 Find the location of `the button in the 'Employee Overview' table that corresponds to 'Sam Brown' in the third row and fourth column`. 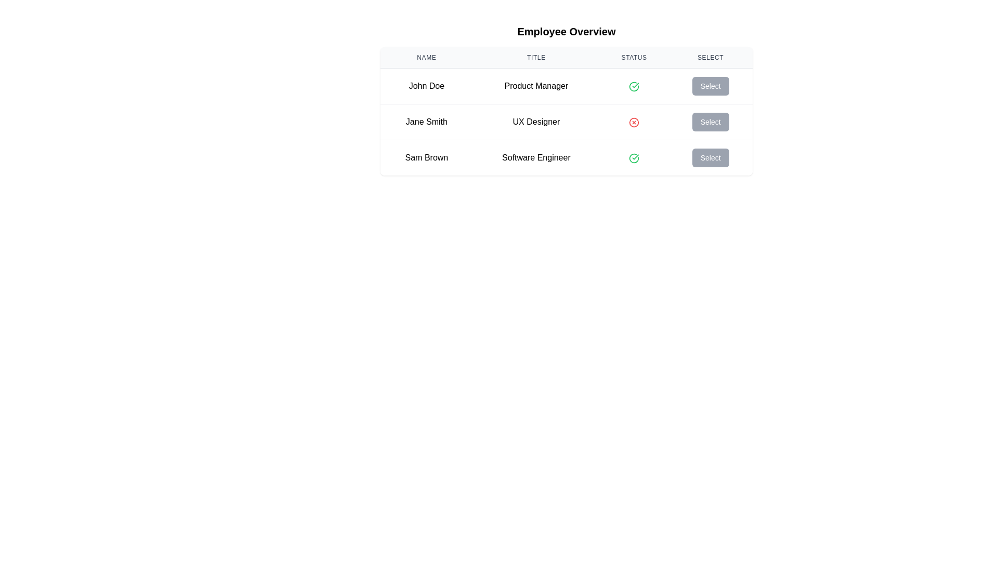

the button in the 'Employee Overview' table that corresponds to 'Sam Brown' in the third row and fourth column is located at coordinates (710, 158).